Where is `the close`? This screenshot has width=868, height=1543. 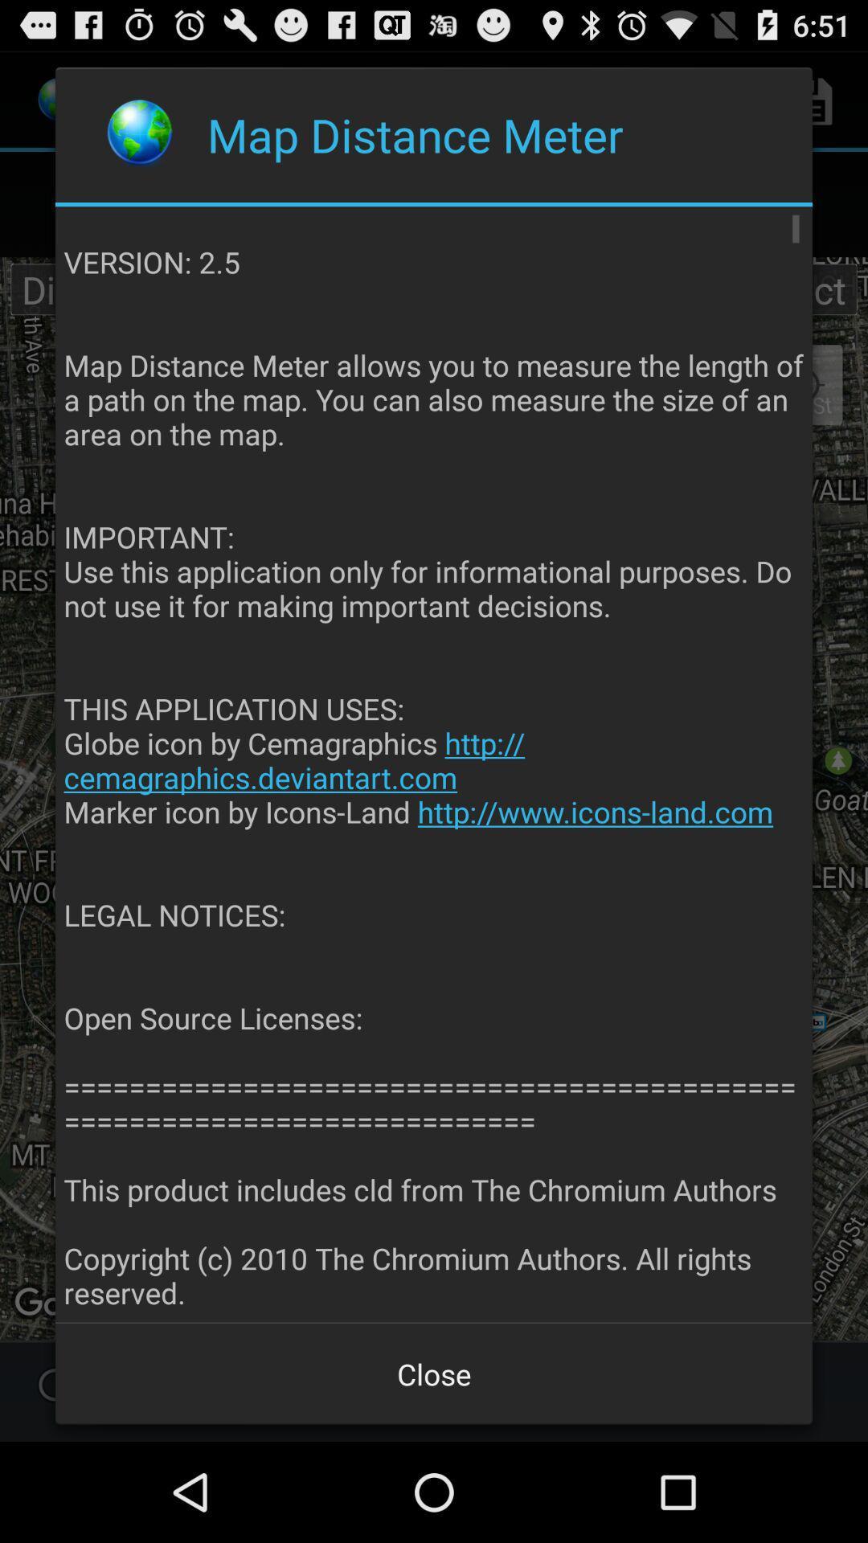 the close is located at coordinates (434, 1373).